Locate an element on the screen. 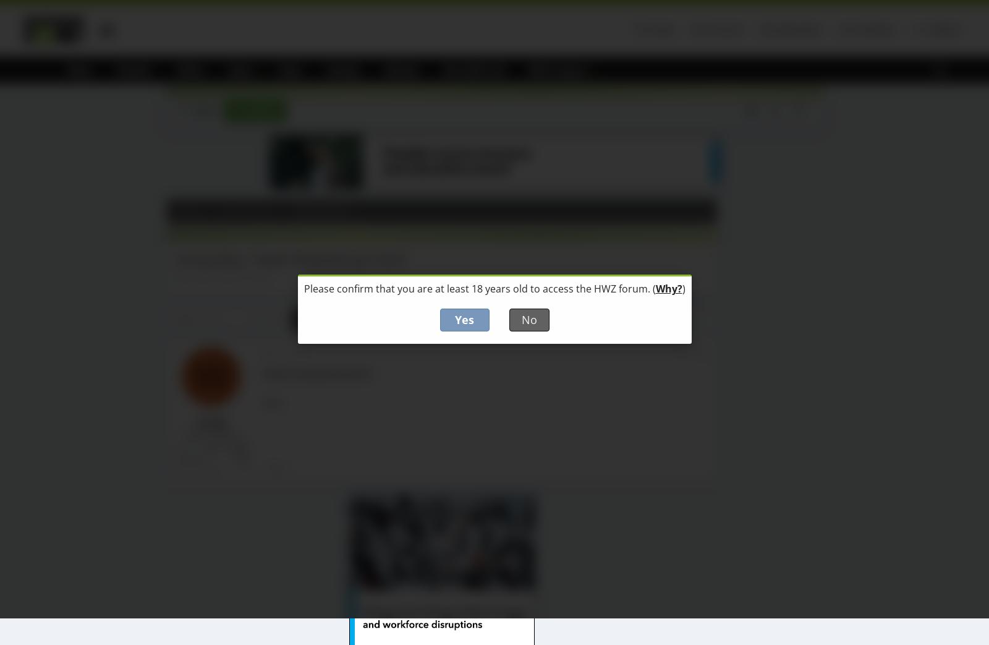 This screenshot has width=989, height=645. '7' is located at coordinates (318, 318).